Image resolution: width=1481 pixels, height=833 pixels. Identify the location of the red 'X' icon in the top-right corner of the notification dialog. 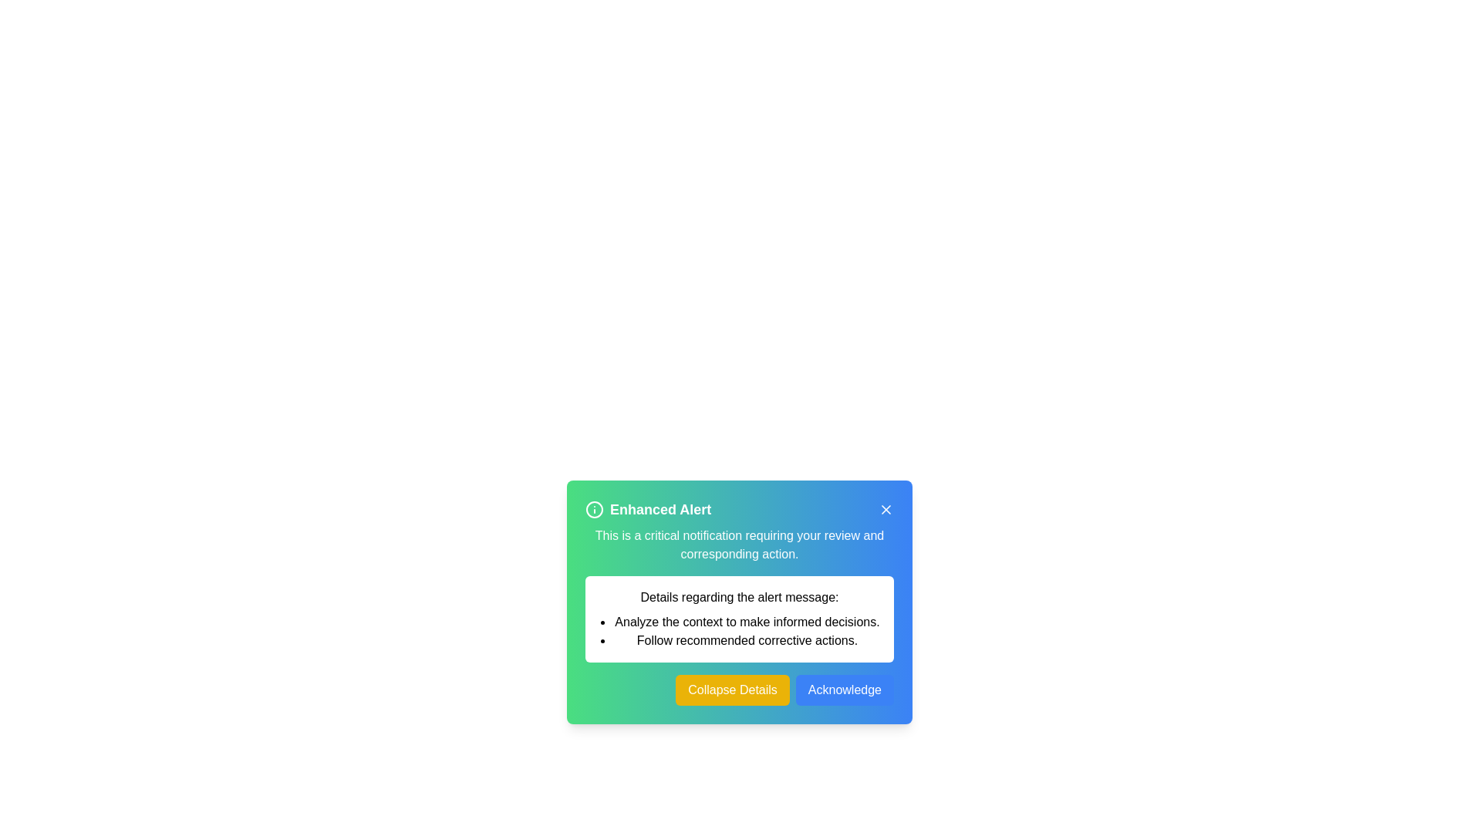
(886, 509).